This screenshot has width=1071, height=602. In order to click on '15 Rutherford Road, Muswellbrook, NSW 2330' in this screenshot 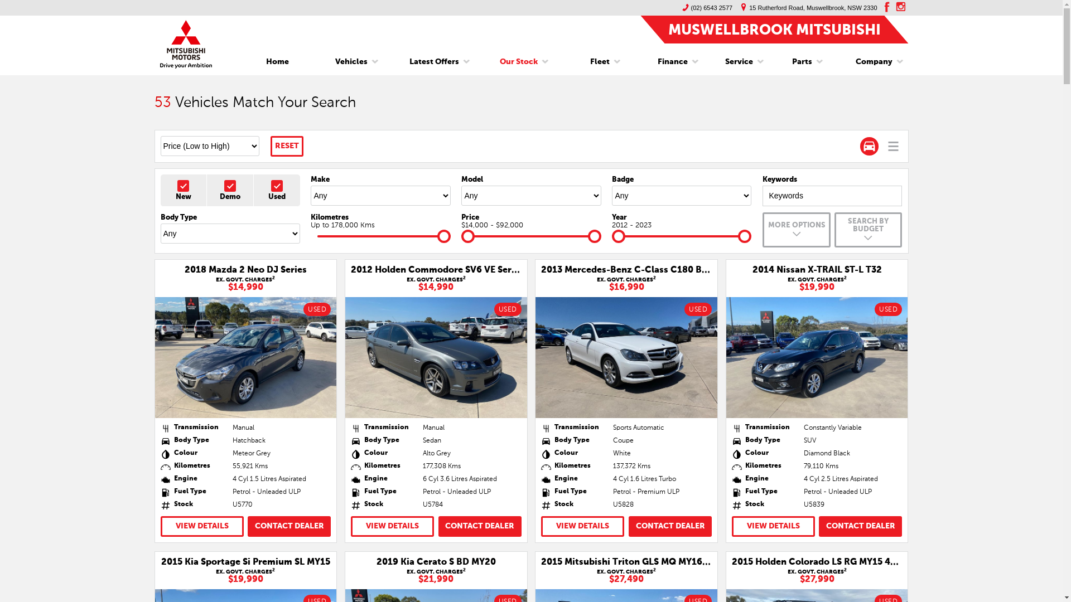, I will do `click(805, 8)`.